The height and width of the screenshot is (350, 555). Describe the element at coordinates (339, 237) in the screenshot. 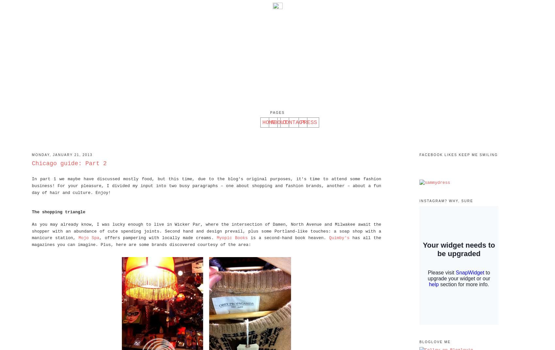

I see `'Quimby's'` at that location.